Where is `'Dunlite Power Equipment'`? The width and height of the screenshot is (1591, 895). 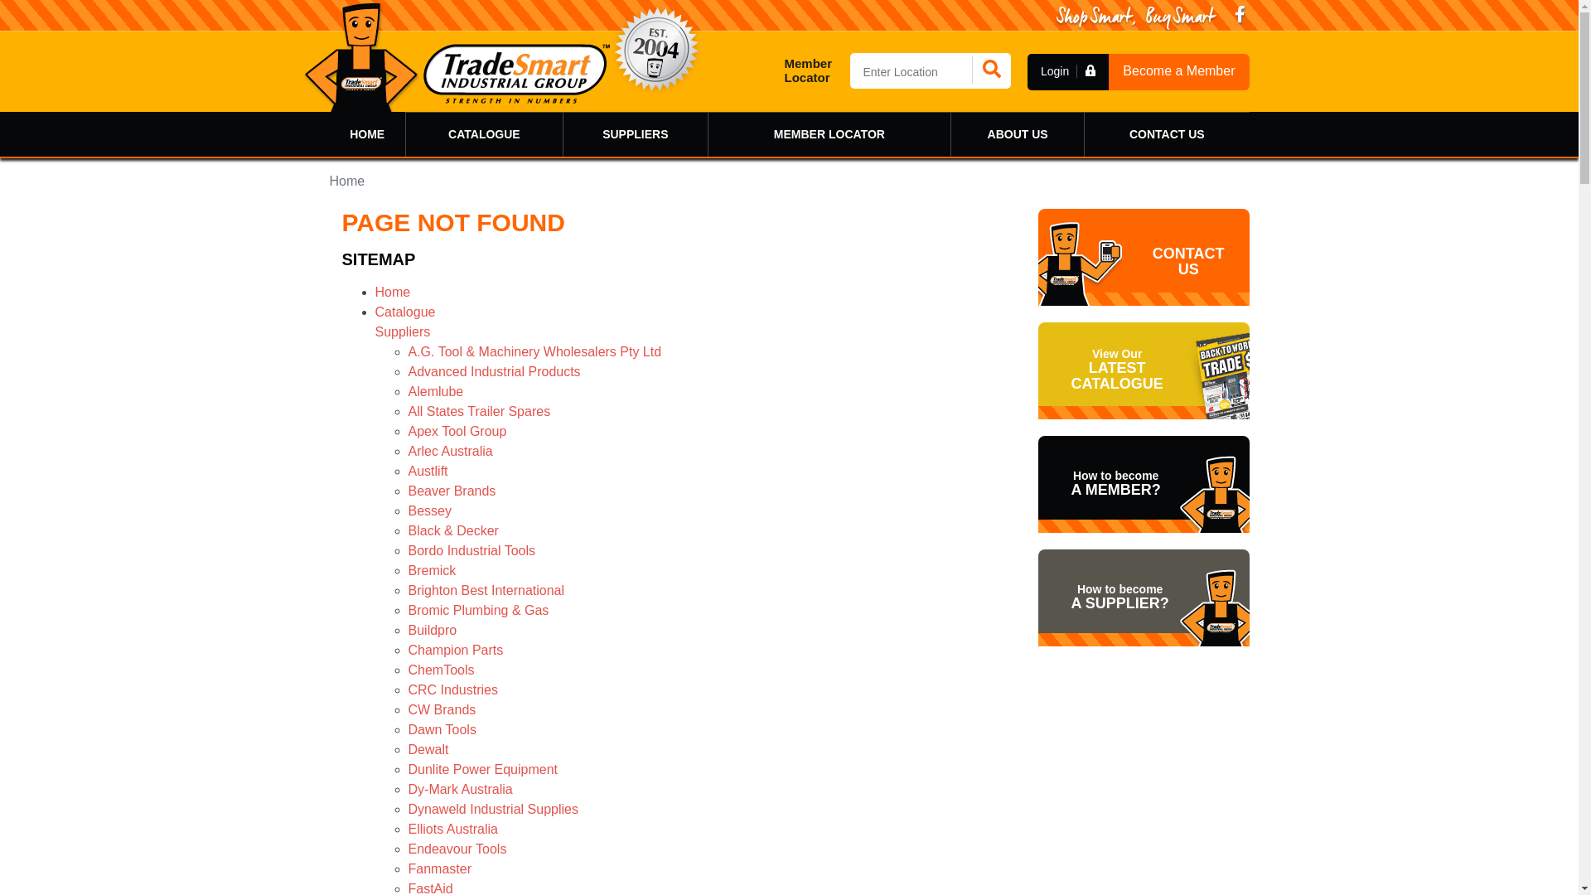 'Dunlite Power Equipment' is located at coordinates (407, 769).